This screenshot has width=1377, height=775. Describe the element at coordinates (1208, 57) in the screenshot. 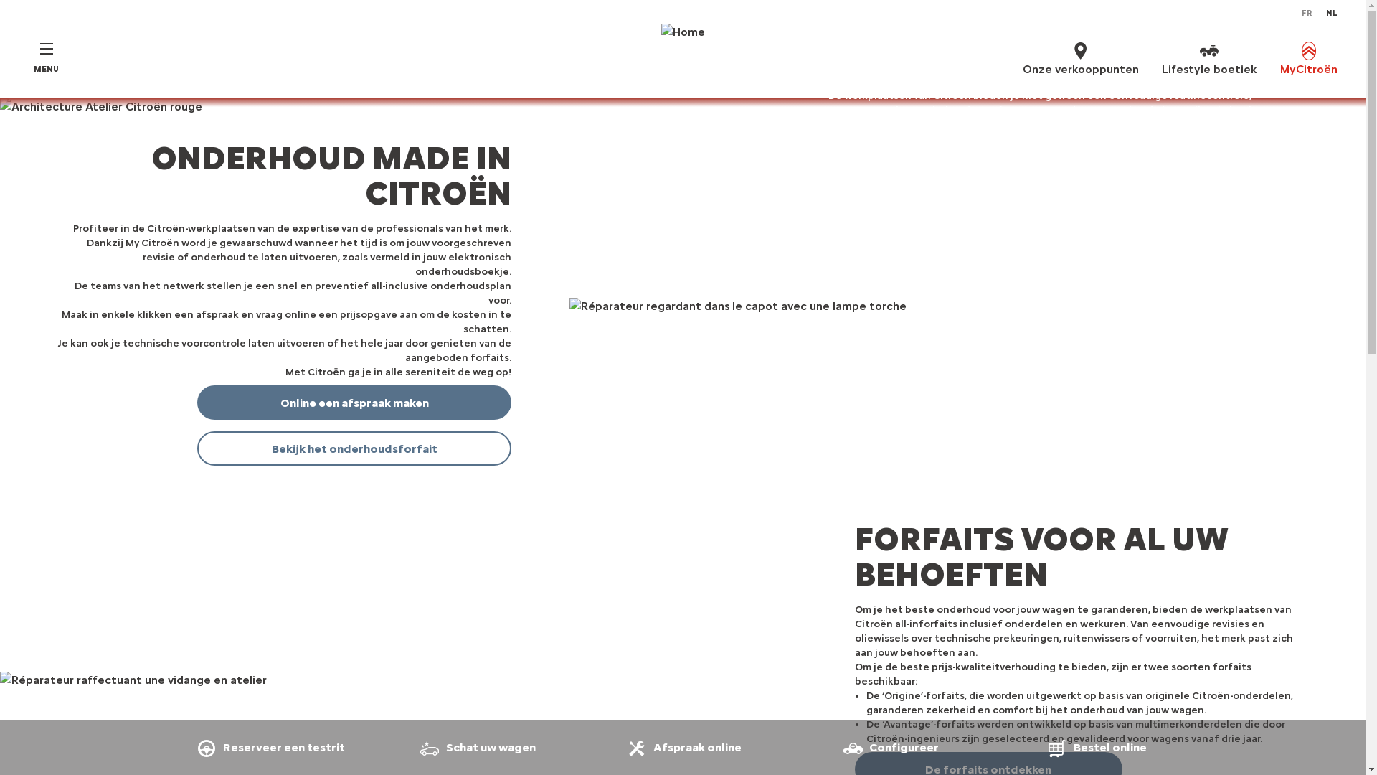

I see `'Lifestyle boetiek'` at that location.